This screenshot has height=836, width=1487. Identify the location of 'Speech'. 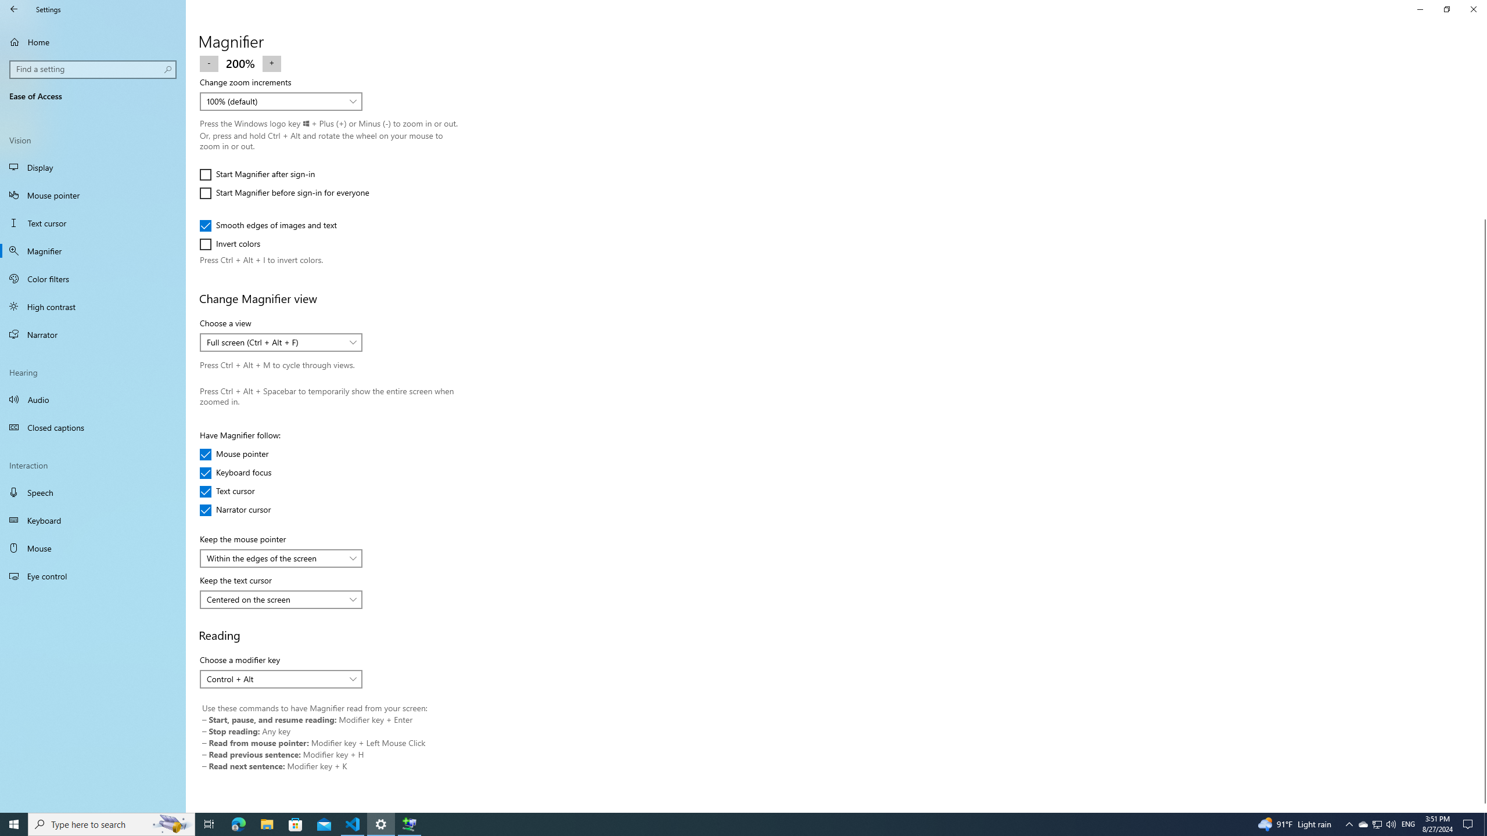
(92, 492).